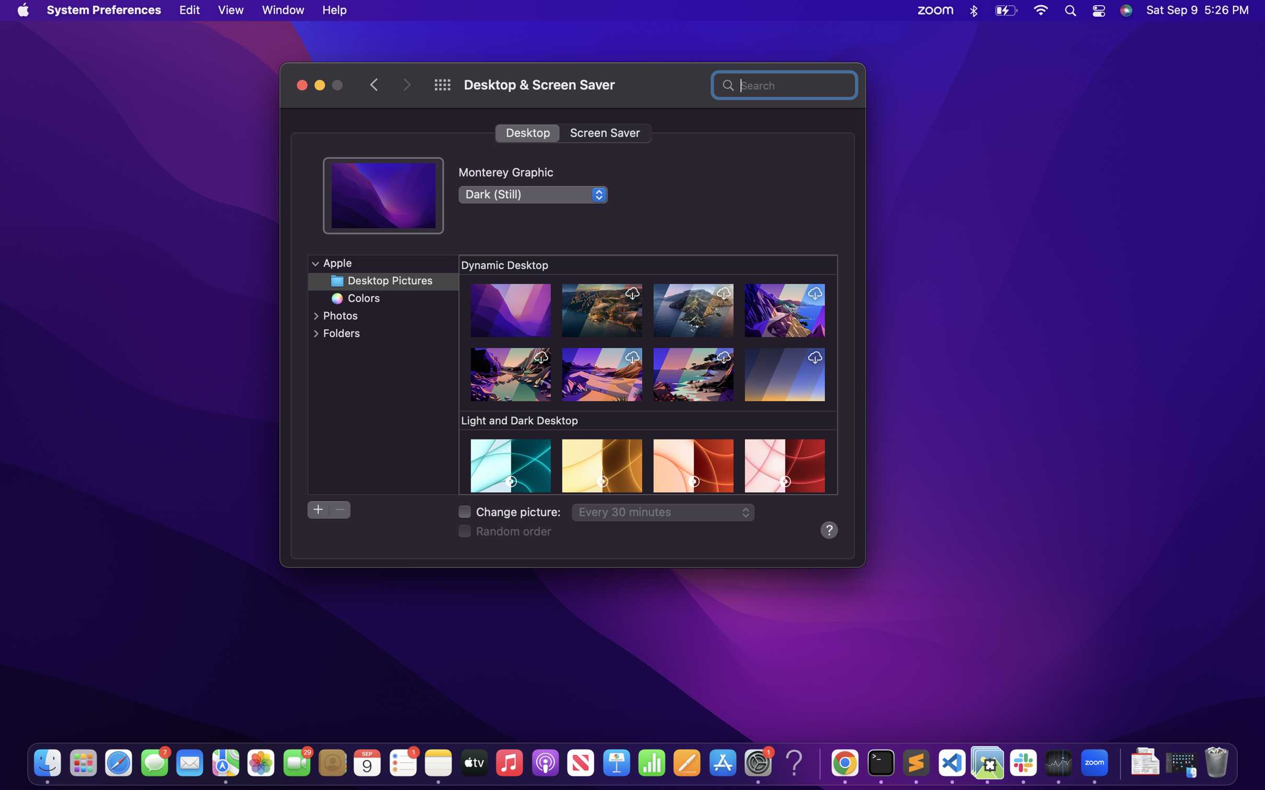  Describe the element at coordinates (320, 509) in the screenshot. I see `Add a new folder` at that location.